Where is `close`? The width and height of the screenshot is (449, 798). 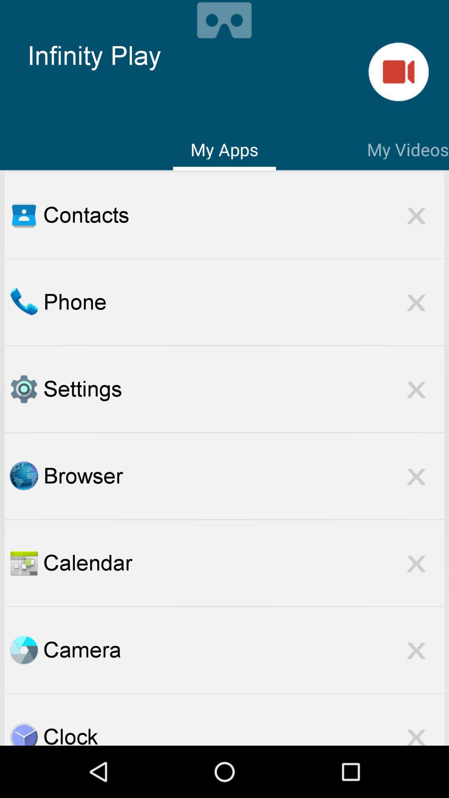 close is located at coordinates (416, 563).